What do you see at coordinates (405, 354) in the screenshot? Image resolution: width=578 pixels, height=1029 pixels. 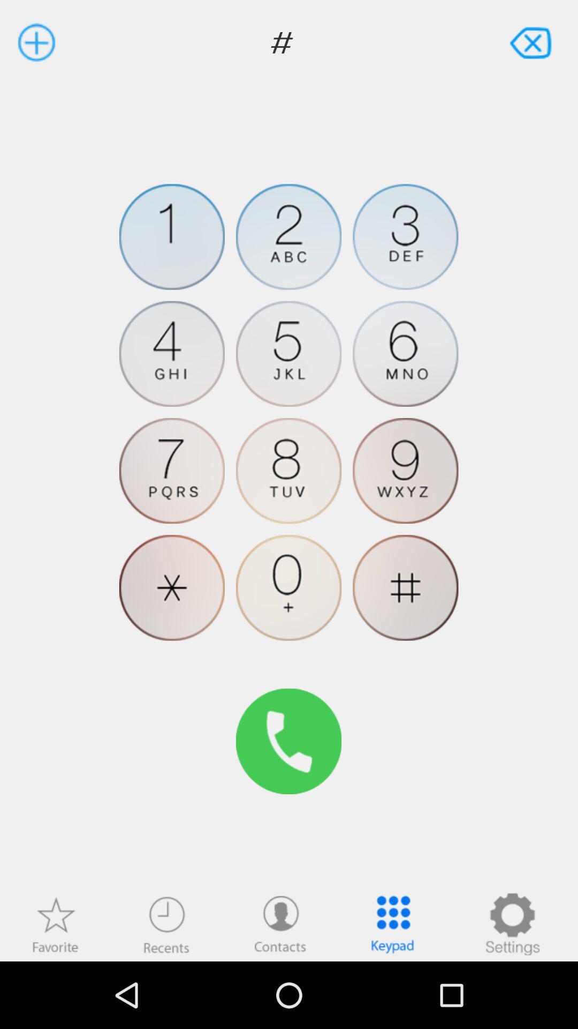 I see `press number 6` at bounding box center [405, 354].